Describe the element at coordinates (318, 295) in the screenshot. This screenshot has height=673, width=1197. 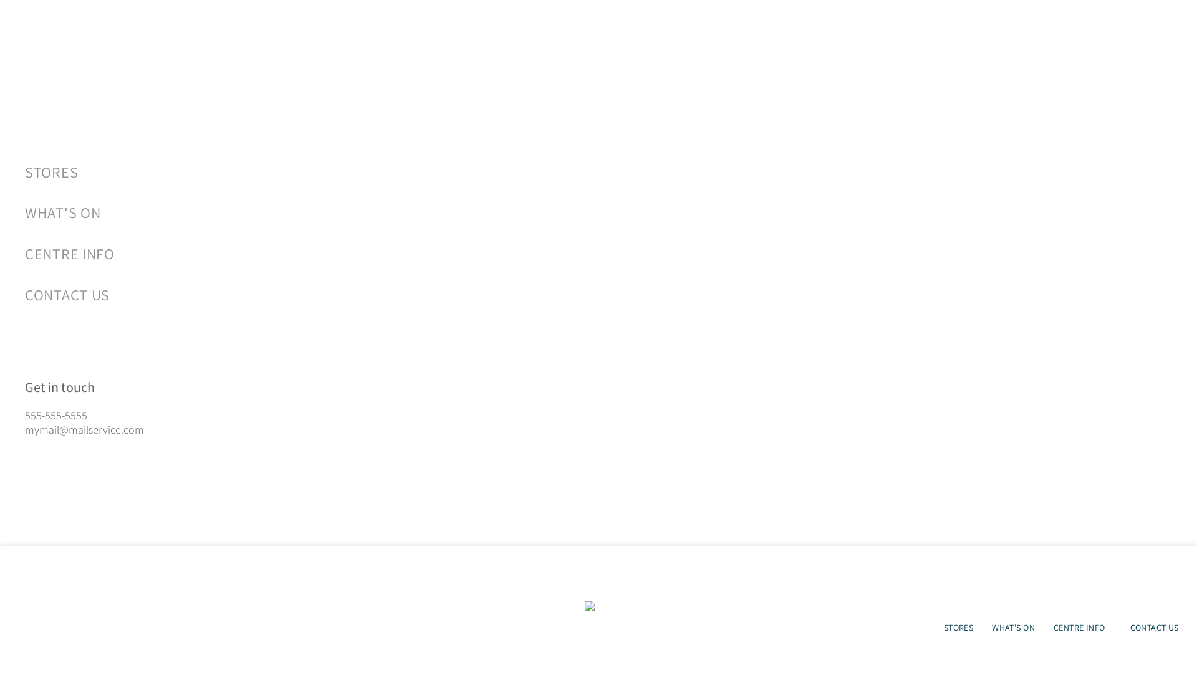
I see `'CONTACT US'` at that location.